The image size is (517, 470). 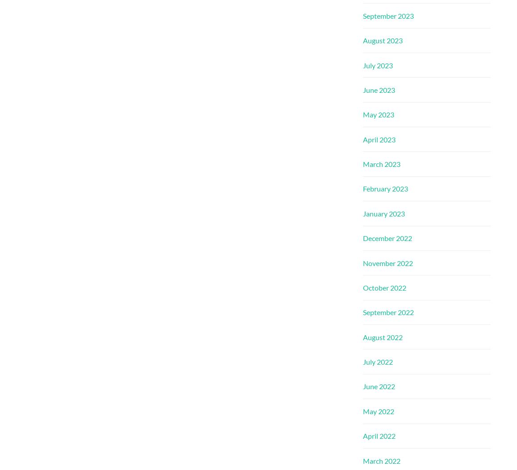 What do you see at coordinates (387, 237) in the screenshot?
I see `'December 2022'` at bounding box center [387, 237].